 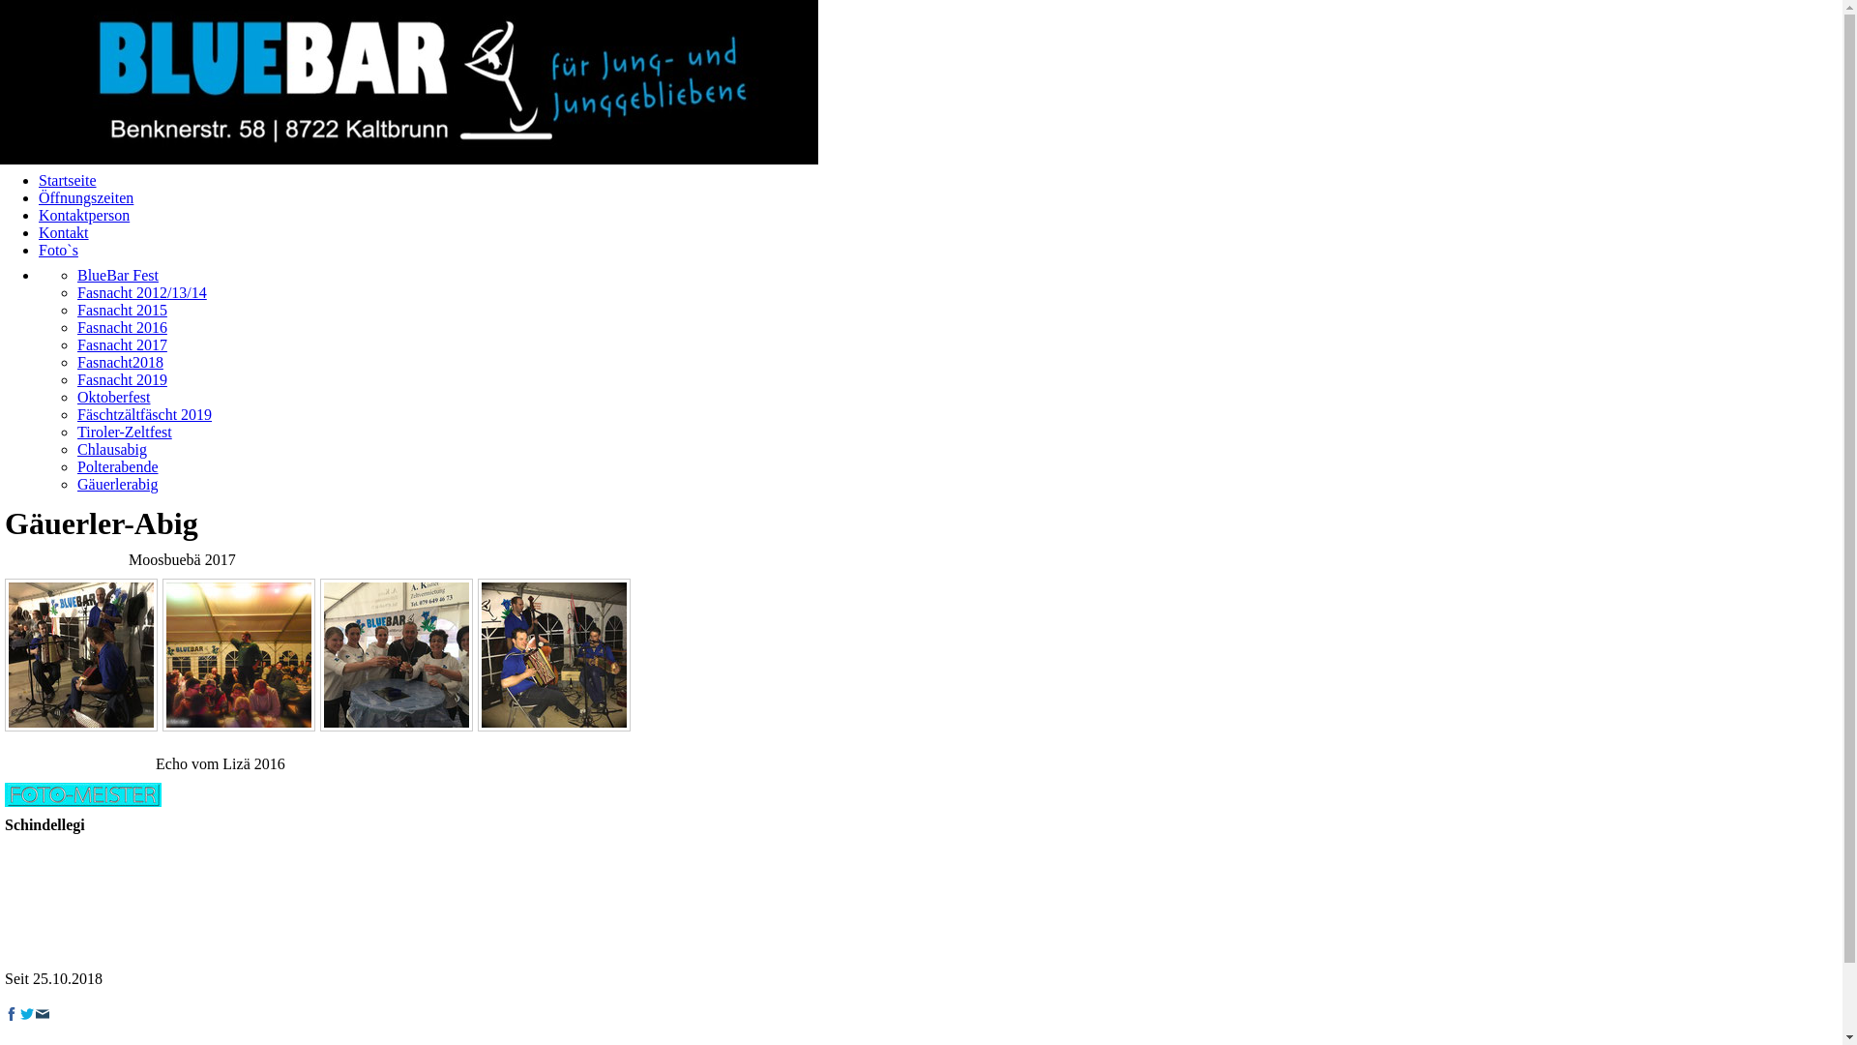 What do you see at coordinates (64, 231) in the screenshot?
I see `'Kontakt'` at bounding box center [64, 231].